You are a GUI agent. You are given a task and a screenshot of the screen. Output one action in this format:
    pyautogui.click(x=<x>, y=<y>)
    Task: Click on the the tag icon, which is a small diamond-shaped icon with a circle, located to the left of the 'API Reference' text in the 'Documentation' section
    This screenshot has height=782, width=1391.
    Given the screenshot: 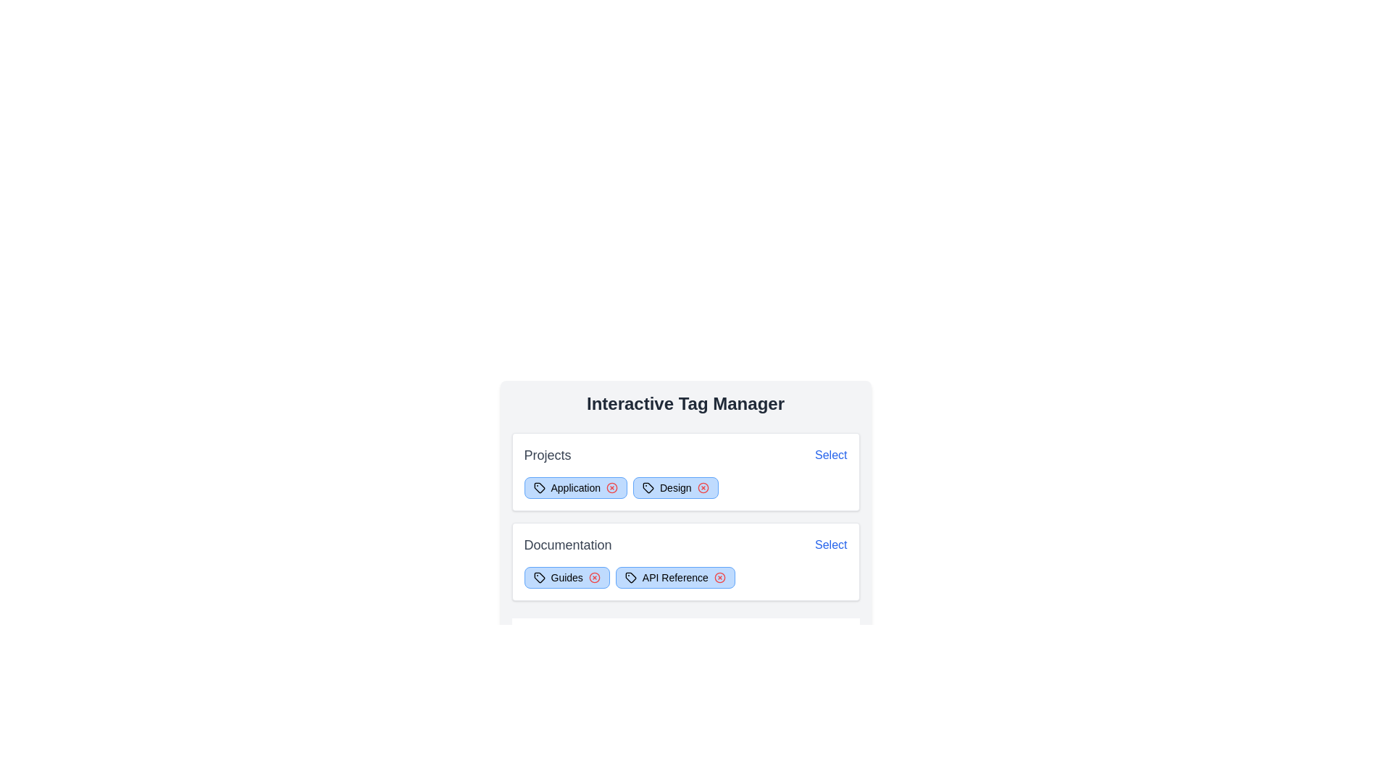 What is the action you would take?
    pyautogui.click(x=630, y=577)
    